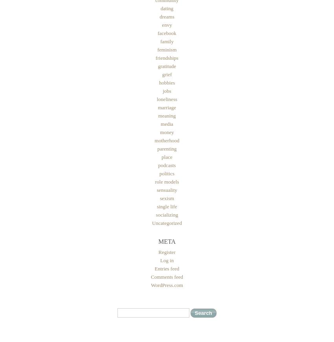 The image size is (334, 342). Describe the element at coordinates (167, 33) in the screenshot. I see `'facebook'` at that location.